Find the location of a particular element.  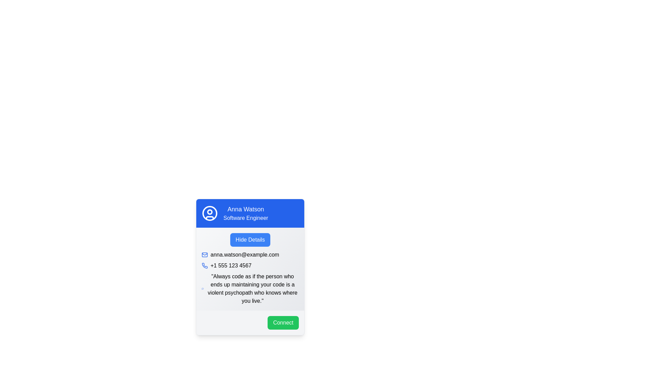

the text display showing the phone number '+1 555 123 4567', which is located adjacent to a blue phone icon within a vertical card layout is located at coordinates (231, 265).